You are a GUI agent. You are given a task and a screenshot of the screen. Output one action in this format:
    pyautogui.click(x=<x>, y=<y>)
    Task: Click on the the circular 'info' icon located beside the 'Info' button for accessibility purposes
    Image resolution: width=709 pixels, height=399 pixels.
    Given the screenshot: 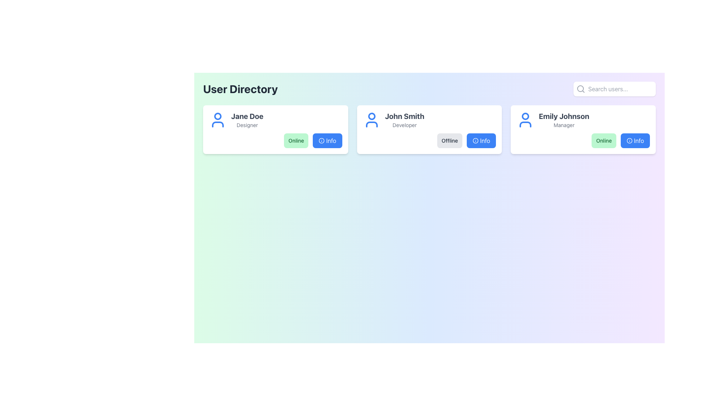 What is the action you would take?
    pyautogui.click(x=476, y=141)
    